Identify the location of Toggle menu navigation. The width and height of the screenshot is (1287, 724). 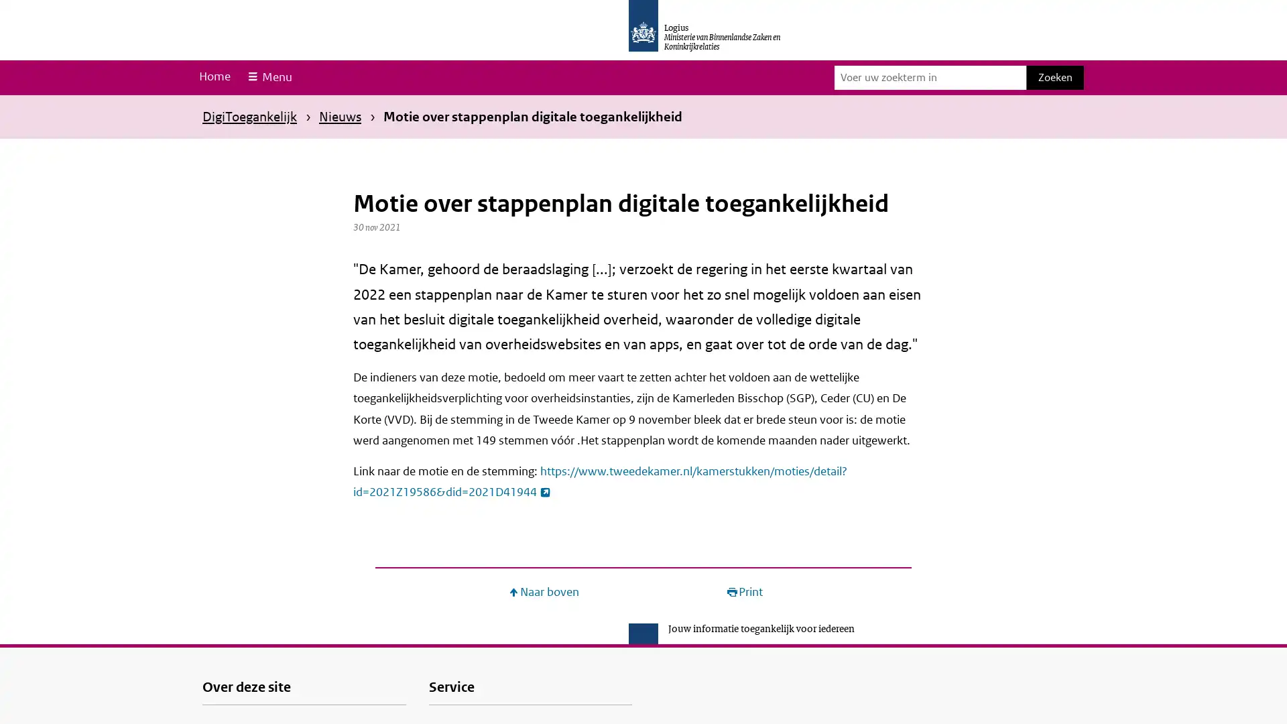
(268, 77).